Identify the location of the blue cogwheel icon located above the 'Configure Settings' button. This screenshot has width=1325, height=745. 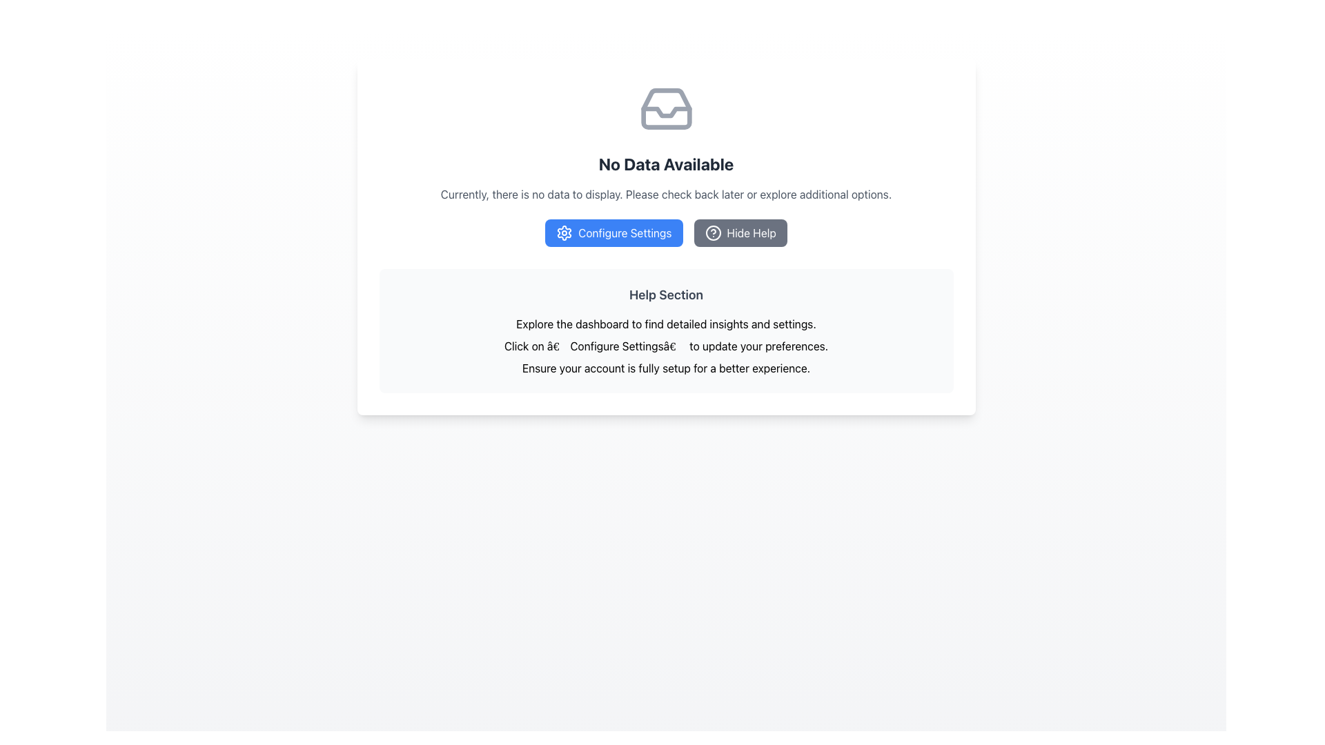
(565, 232).